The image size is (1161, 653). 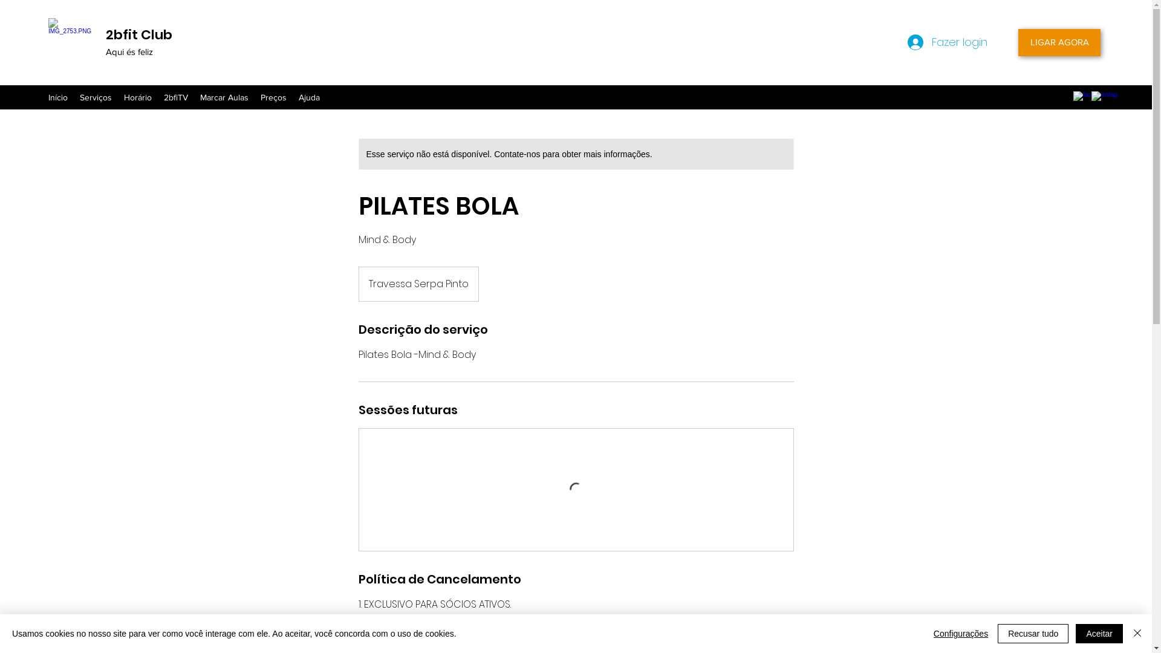 I want to click on 'LIGAR AGORA', so click(x=1059, y=42).